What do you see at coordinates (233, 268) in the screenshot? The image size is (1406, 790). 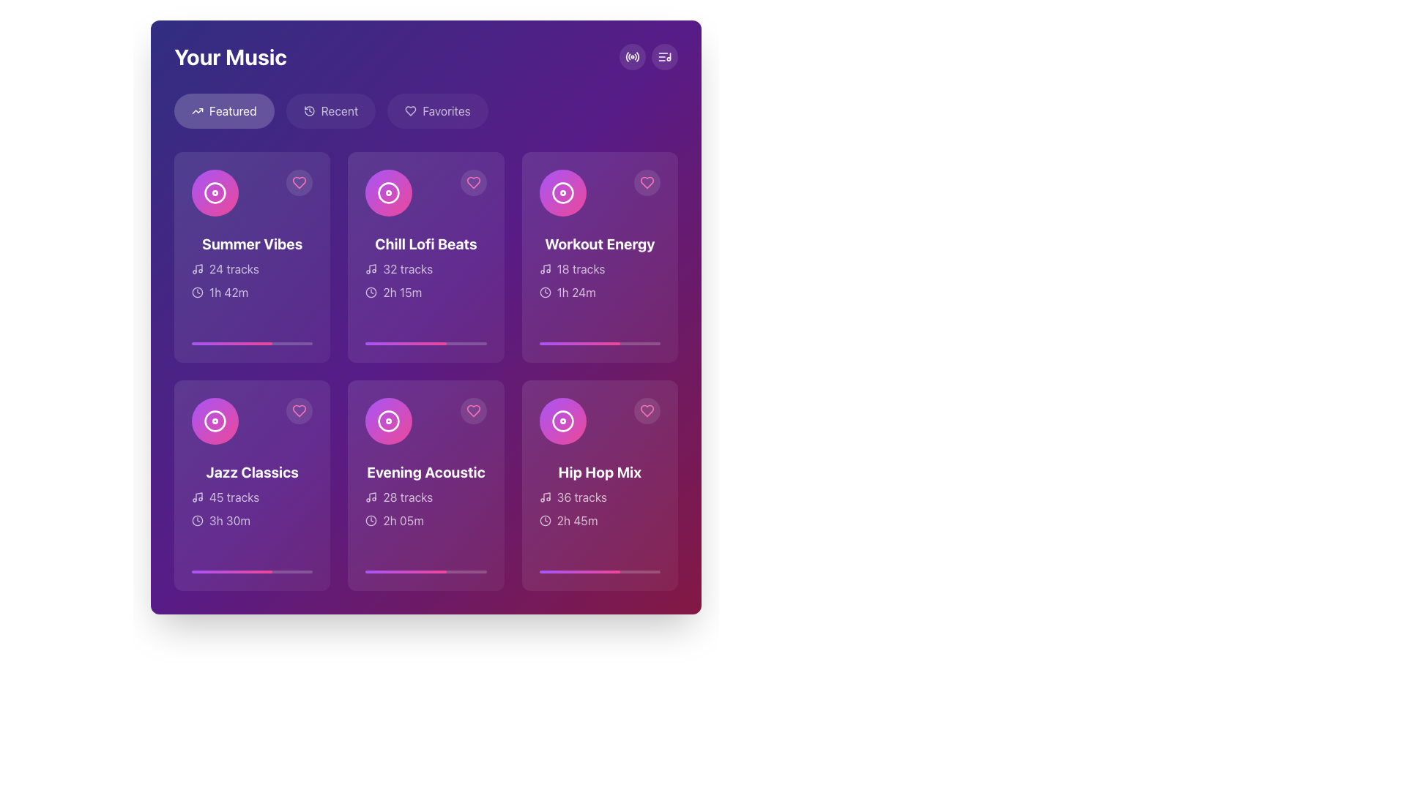 I see `the static text label that reads '24 tracks', prominently displayed within the first music card below the 'Your Music' heading` at bounding box center [233, 268].